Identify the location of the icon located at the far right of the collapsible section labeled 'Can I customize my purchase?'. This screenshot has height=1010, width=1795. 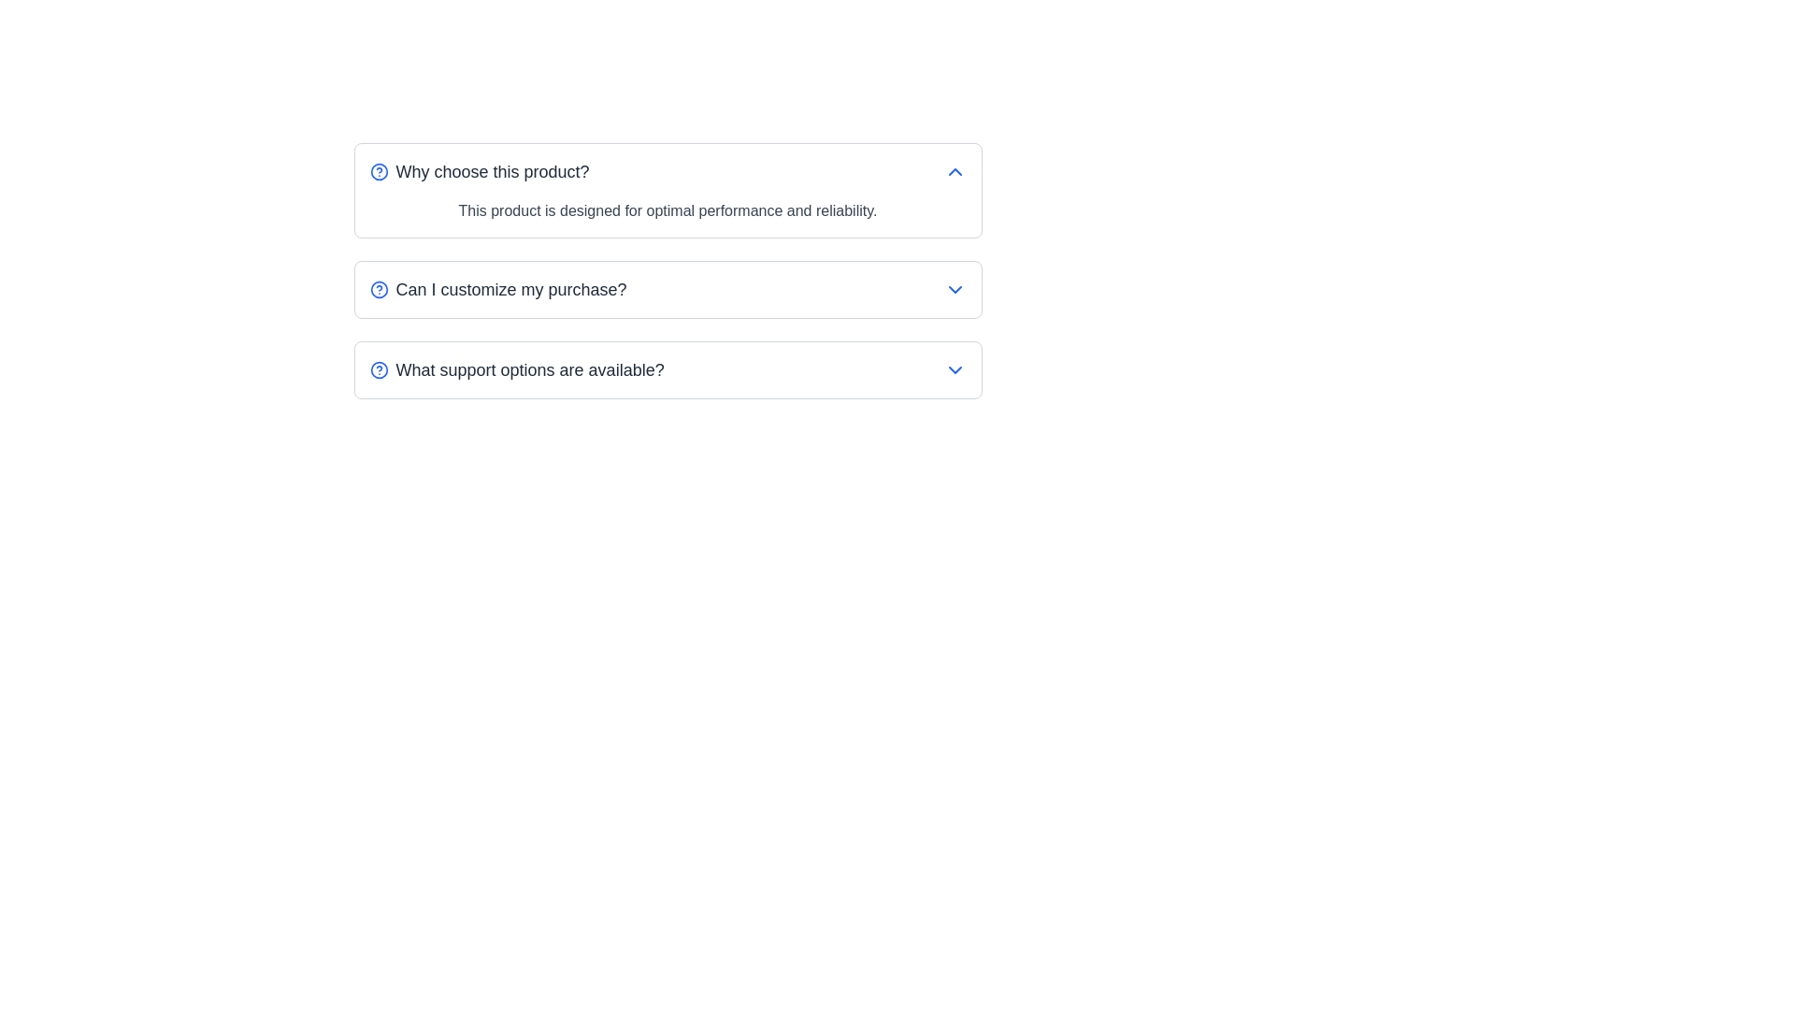
(955, 289).